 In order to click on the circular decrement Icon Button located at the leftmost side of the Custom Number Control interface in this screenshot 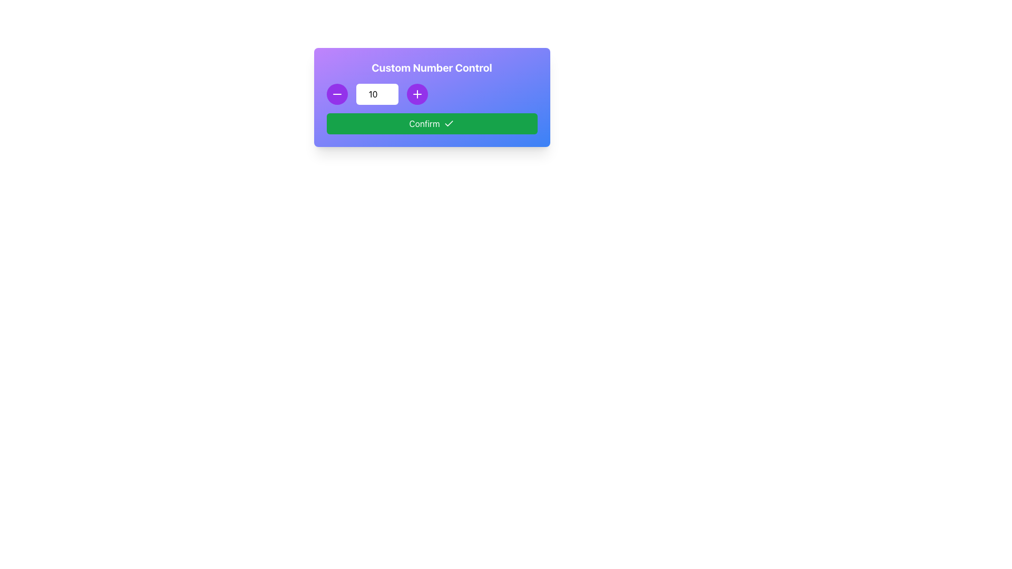, I will do `click(336, 93)`.